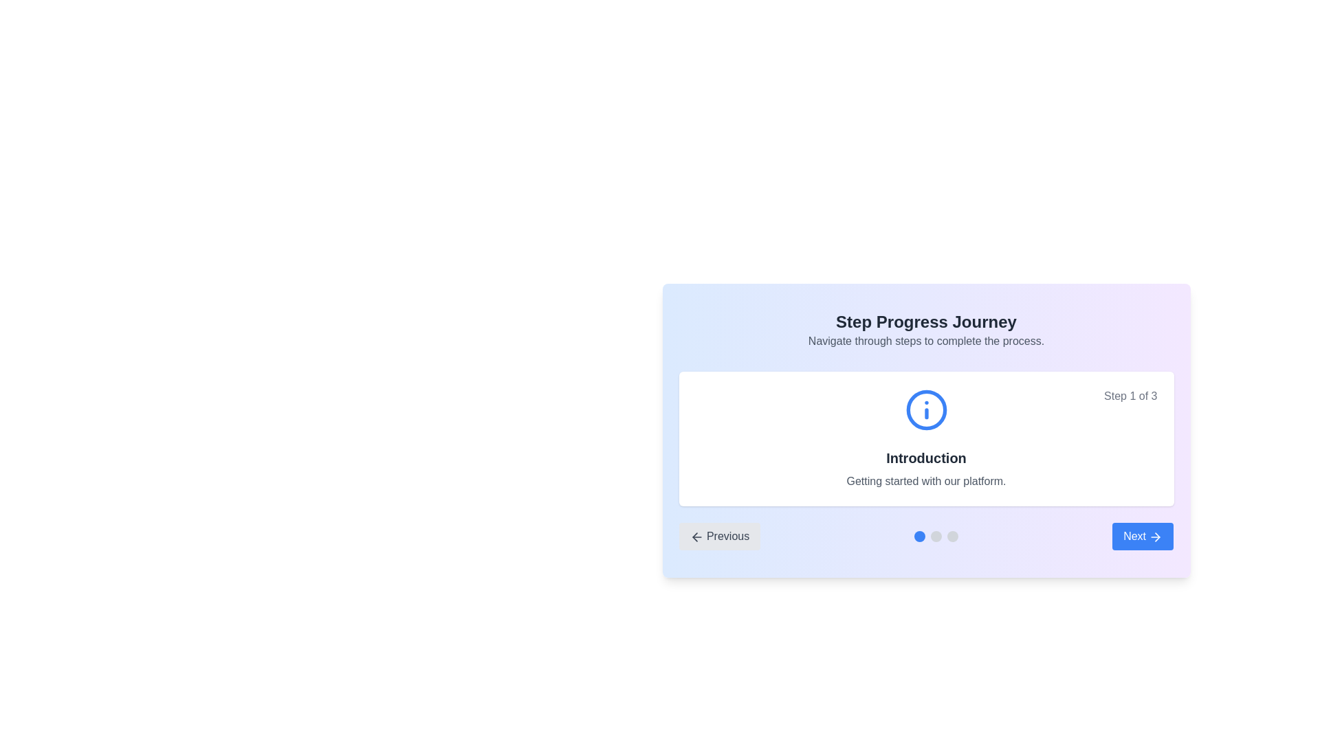  Describe the element at coordinates (952, 535) in the screenshot. I see `the third step indicator located at the bottom-center of the interface, which indicates the third step in a process` at that location.